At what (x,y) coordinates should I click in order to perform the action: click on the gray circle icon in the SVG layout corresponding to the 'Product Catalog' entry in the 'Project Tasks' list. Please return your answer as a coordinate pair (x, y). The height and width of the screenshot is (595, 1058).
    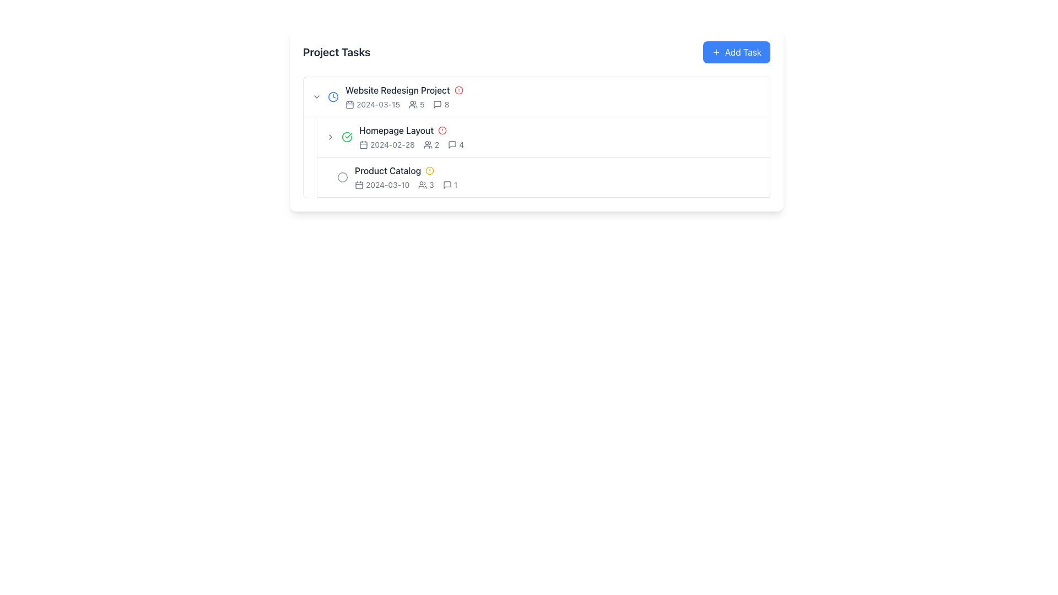
    Looking at the image, I should click on (342, 176).